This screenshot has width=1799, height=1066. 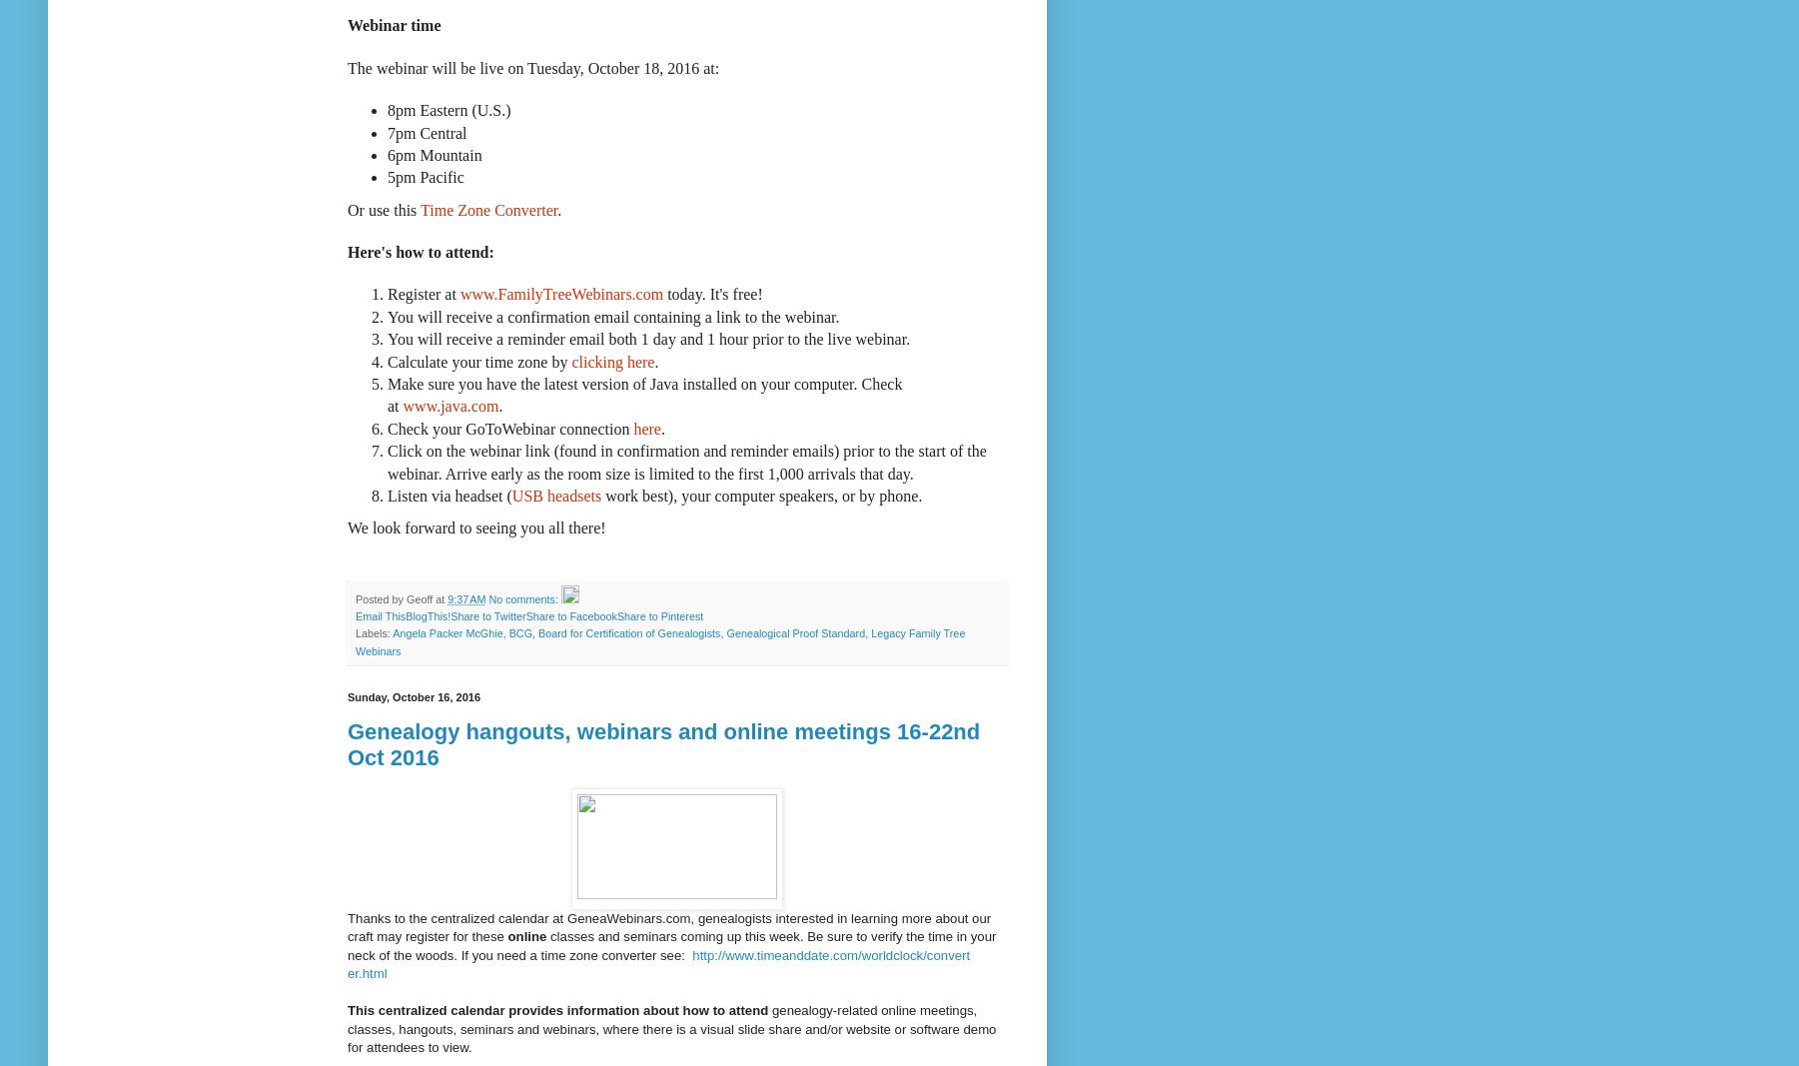 What do you see at coordinates (647, 339) in the screenshot?
I see `'You will receive a reminder email both 1 day and 1 hour prior to the live webinar.'` at bounding box center [647, 339].